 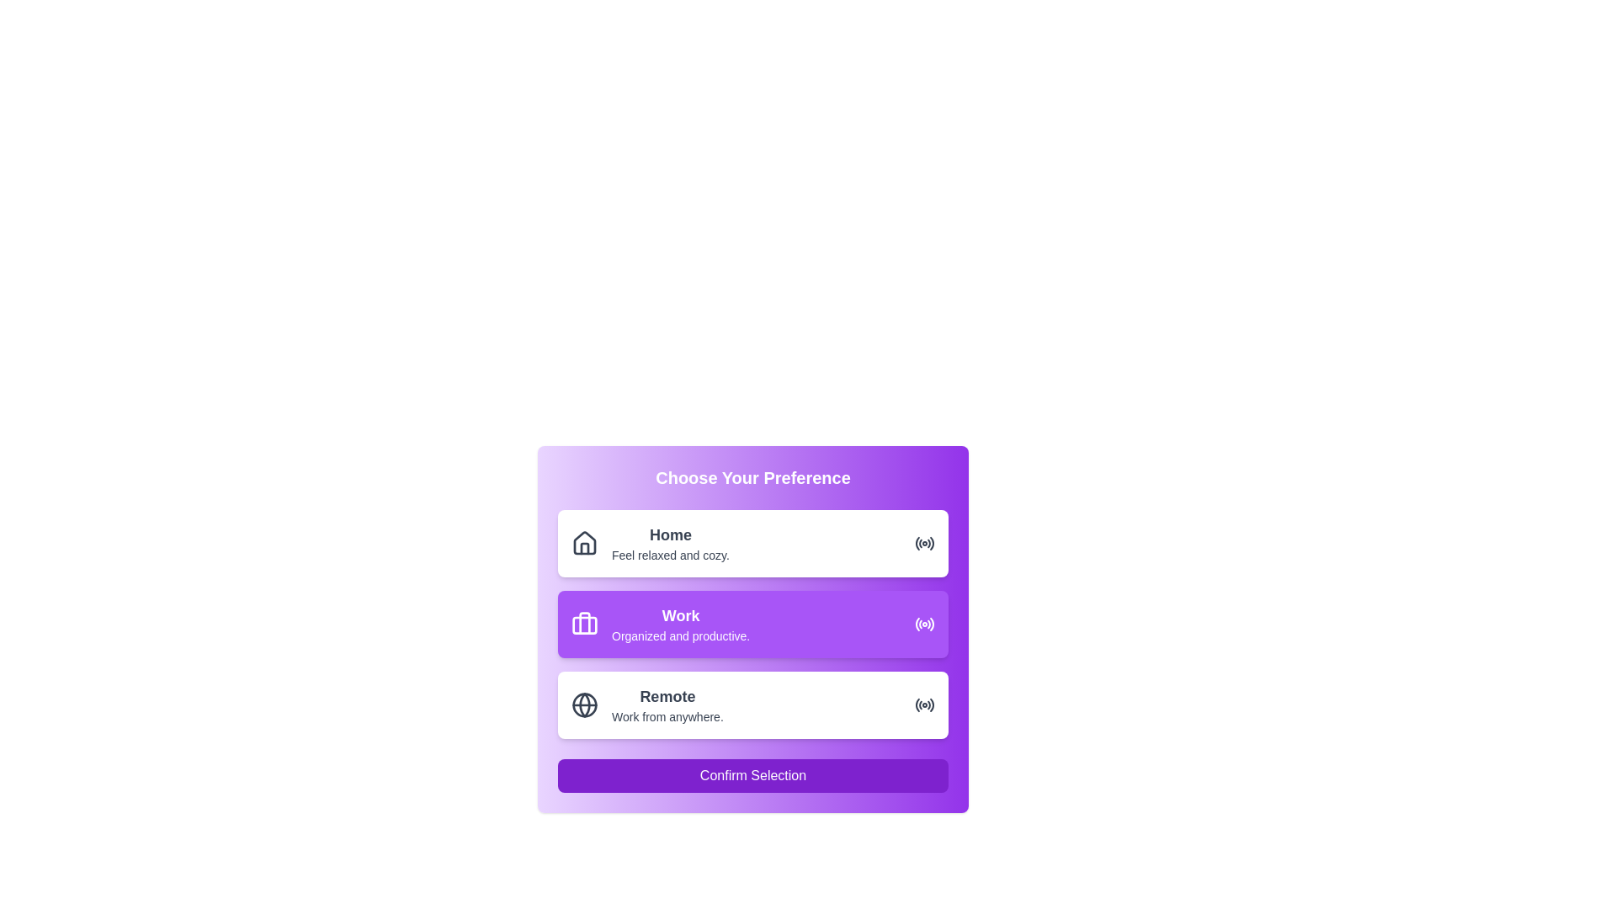 What do you see at coordinates (667, 697) in the screenshot?
I see `the static text label 'Remote', which is bold and larger than surrounding content, positioned above 'Work from anywhere' and next to a globe icon` at bounding box center [667, 697].